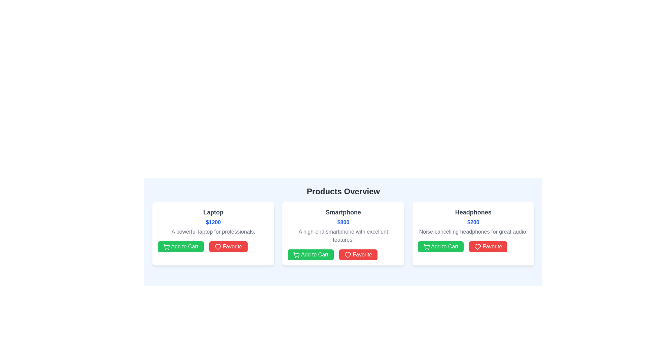 The width and height of the screenshot is (646, 363). I want to click on the text label displaying the price '$1200', which is styled in bold and blue font, located below the title 'Laptop' in the leftmost product information card, so click(213, 223).